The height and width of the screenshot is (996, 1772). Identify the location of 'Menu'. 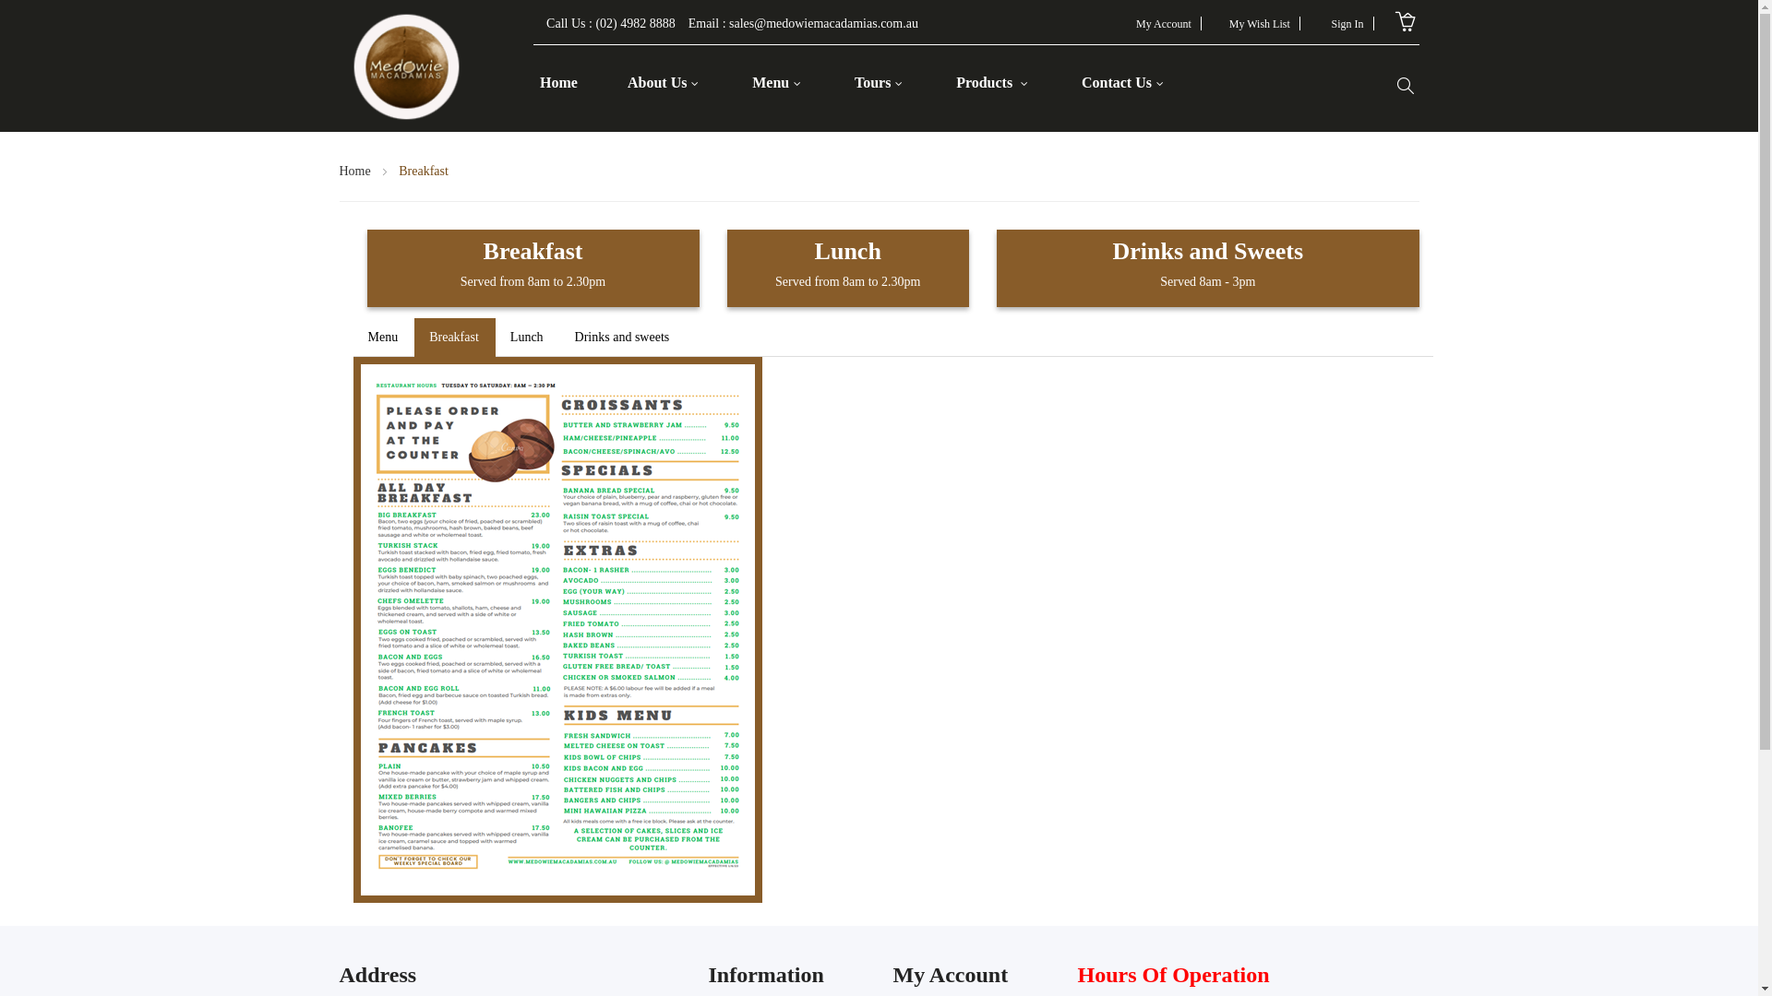
(776, 81).